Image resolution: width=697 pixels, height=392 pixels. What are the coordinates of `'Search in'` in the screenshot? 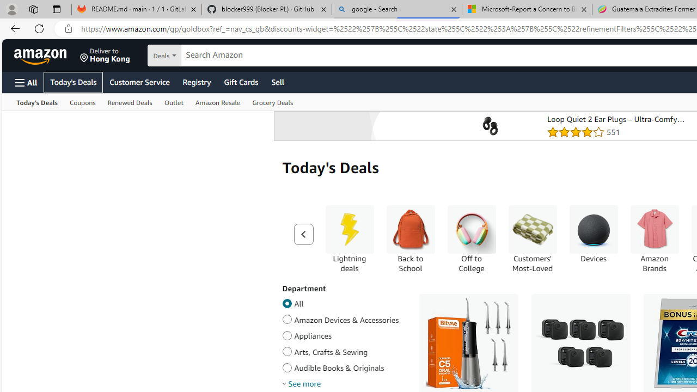 It's located at (202, 56).